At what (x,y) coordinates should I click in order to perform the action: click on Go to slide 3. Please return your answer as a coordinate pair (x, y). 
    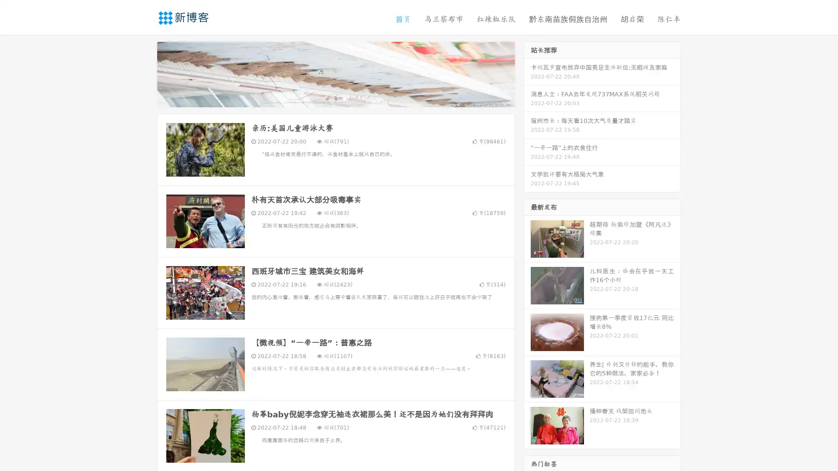
    Looking at the image, I should click on (344, 98).